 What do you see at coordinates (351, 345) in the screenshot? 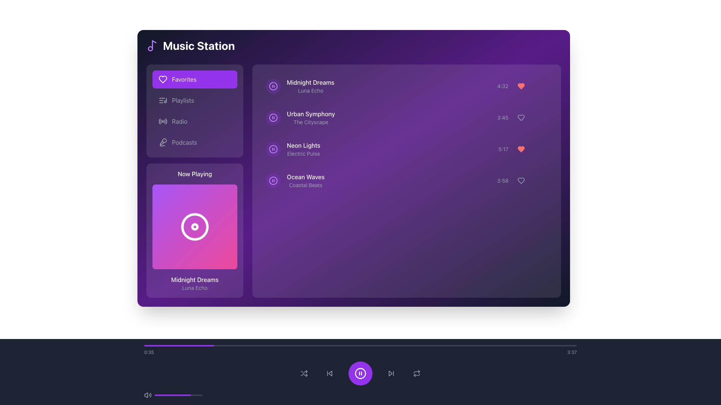
I see `playback progress` at bounding box center [351, 345].